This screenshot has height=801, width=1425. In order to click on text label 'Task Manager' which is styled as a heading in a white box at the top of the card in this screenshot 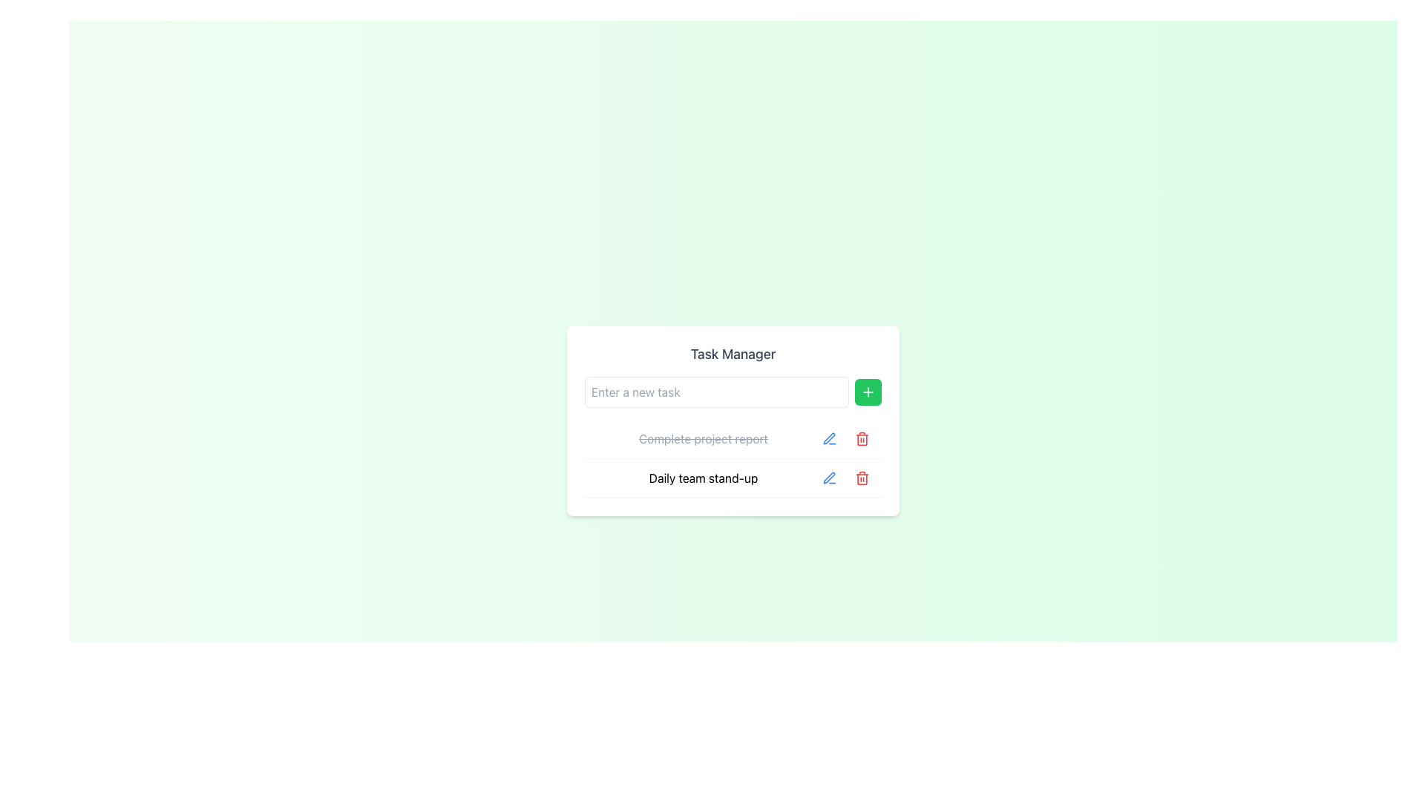, I will do `click(733, 355)`.